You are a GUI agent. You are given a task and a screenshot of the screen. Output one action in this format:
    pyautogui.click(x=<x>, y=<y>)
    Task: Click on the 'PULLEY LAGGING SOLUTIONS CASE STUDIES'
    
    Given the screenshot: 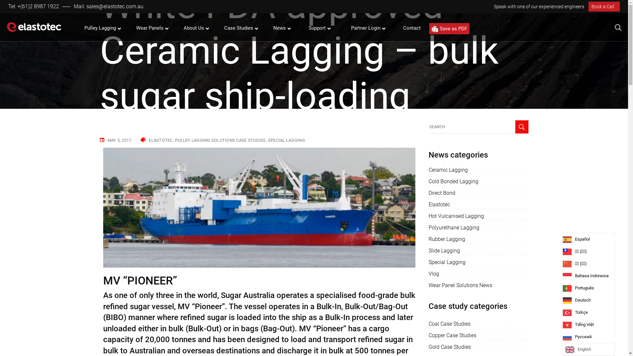 What is the action you would take?
    pyautogui.click(x=221, y=140)
    